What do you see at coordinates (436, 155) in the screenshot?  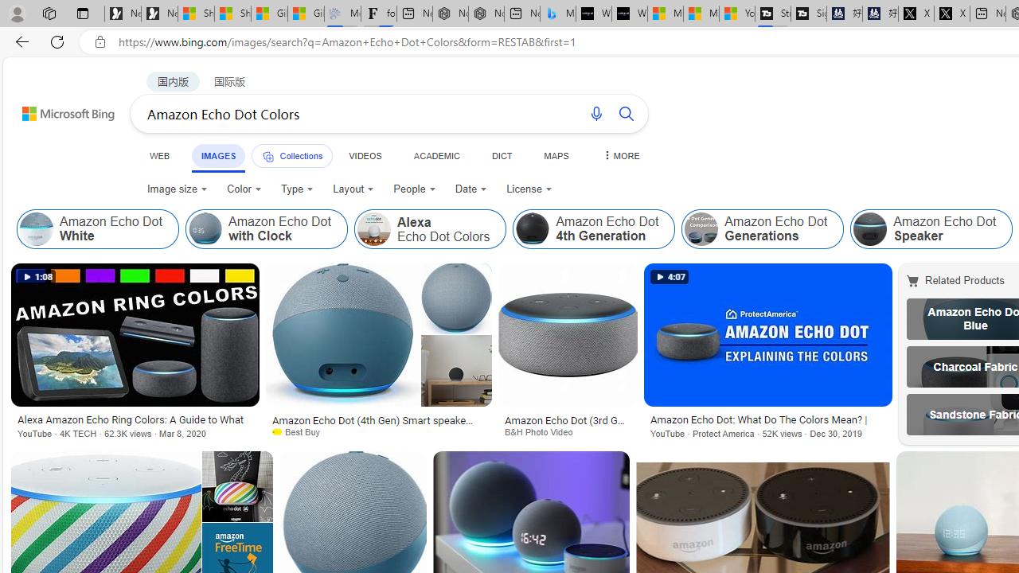 I see `'ACADEMIC'` at bounding box center [436, 155].